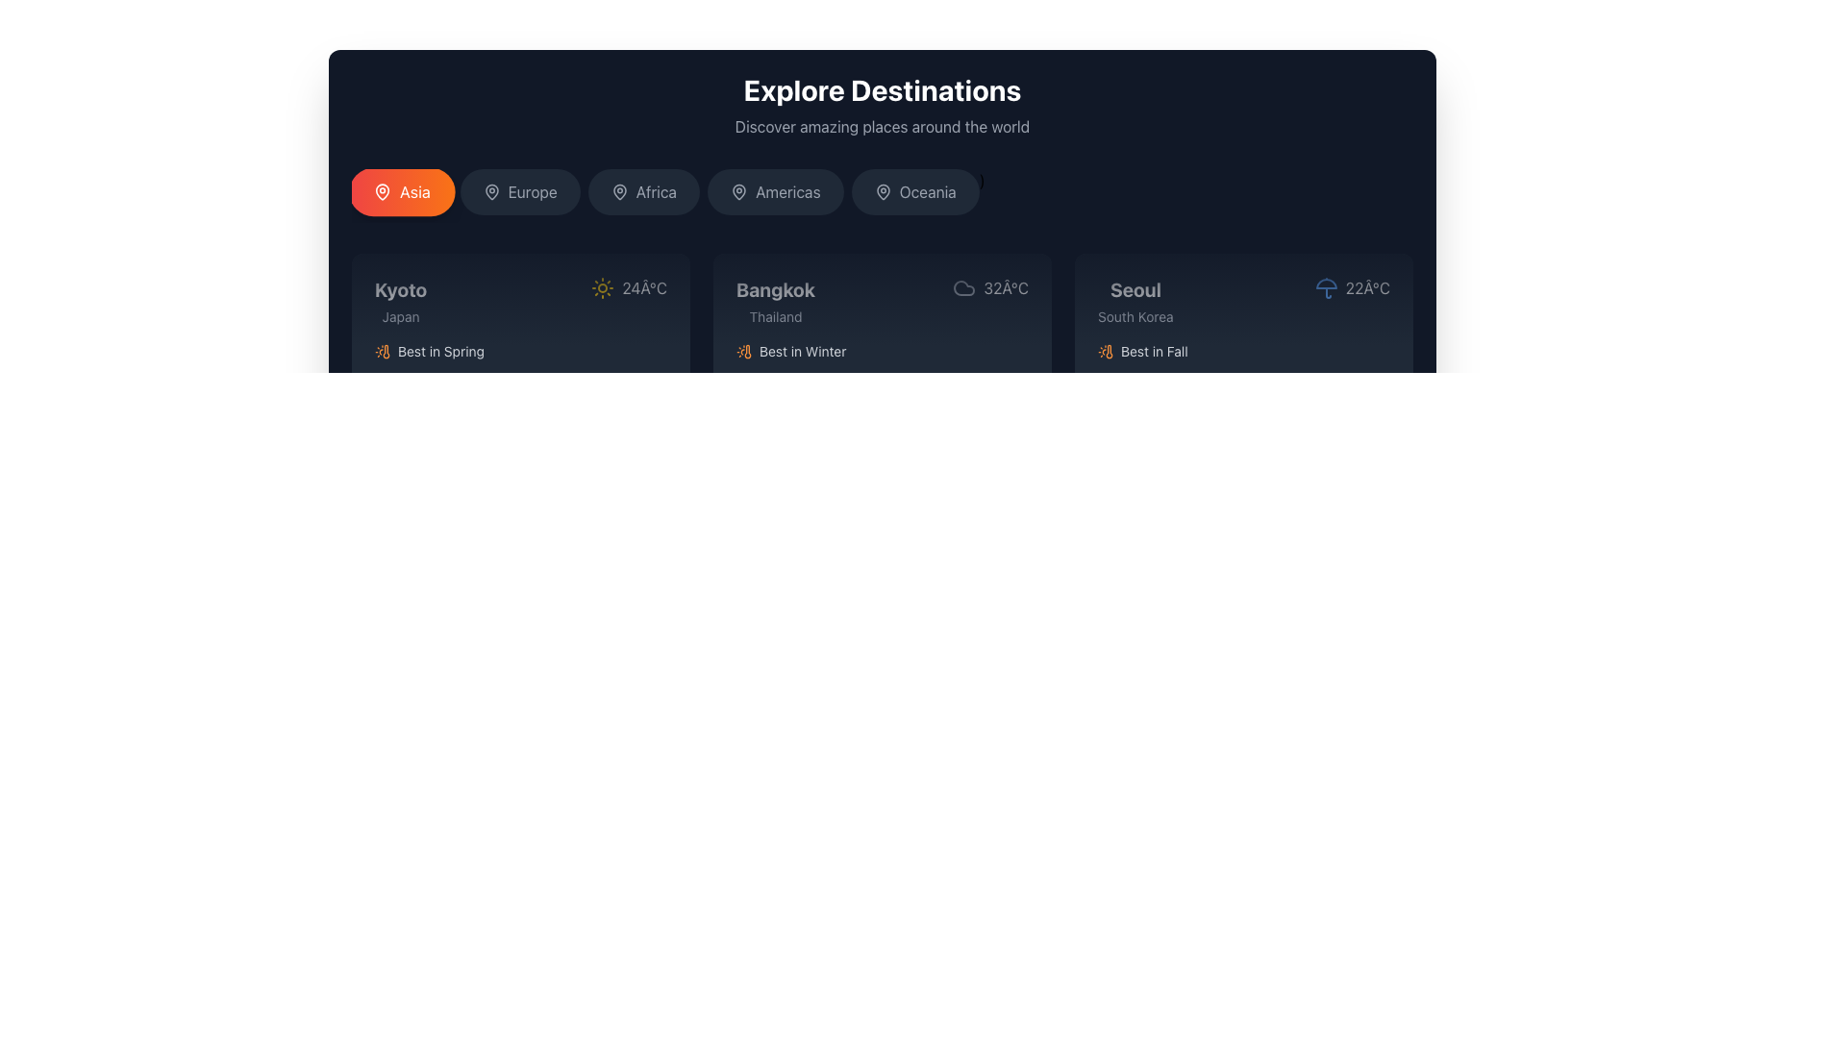  Describe the element at coordinates (383, 352) in the screenshot. I see `the 'Spring' icon located to the left of the text 'Best in Spring' under the 'Kyoto, Japan' destination card in the 'Explore Destinations' interface` at that location.